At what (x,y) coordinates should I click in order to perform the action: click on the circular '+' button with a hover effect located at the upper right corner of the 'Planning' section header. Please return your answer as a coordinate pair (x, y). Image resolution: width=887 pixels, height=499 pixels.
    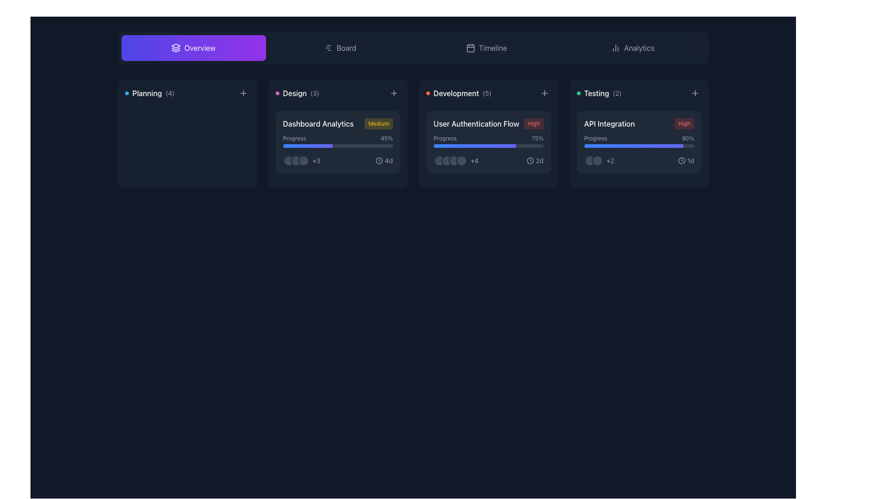
    Looking at the image, I should click on (243, 93).